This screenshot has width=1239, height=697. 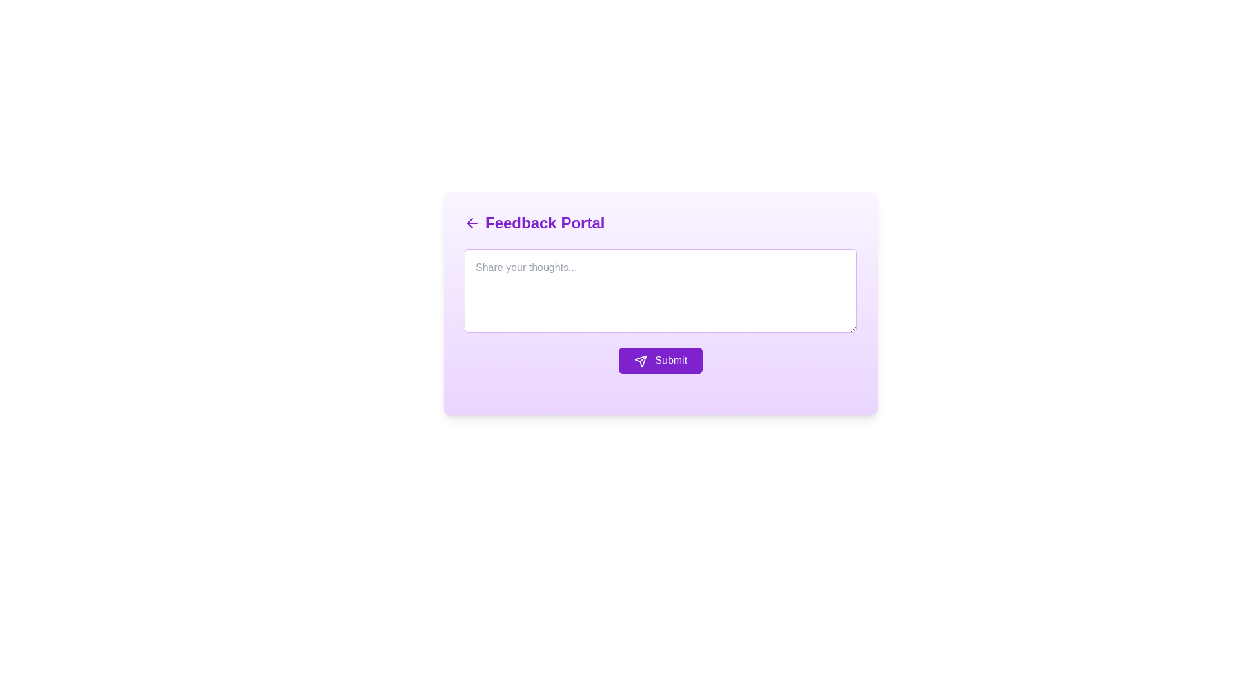 What do you see at coordinates (471, 223) in the screenshot?
I see `the purple leftward-pointing arrow icon adjacent to the 'Feedback Portal' title text` at bounding box center [471, 223].